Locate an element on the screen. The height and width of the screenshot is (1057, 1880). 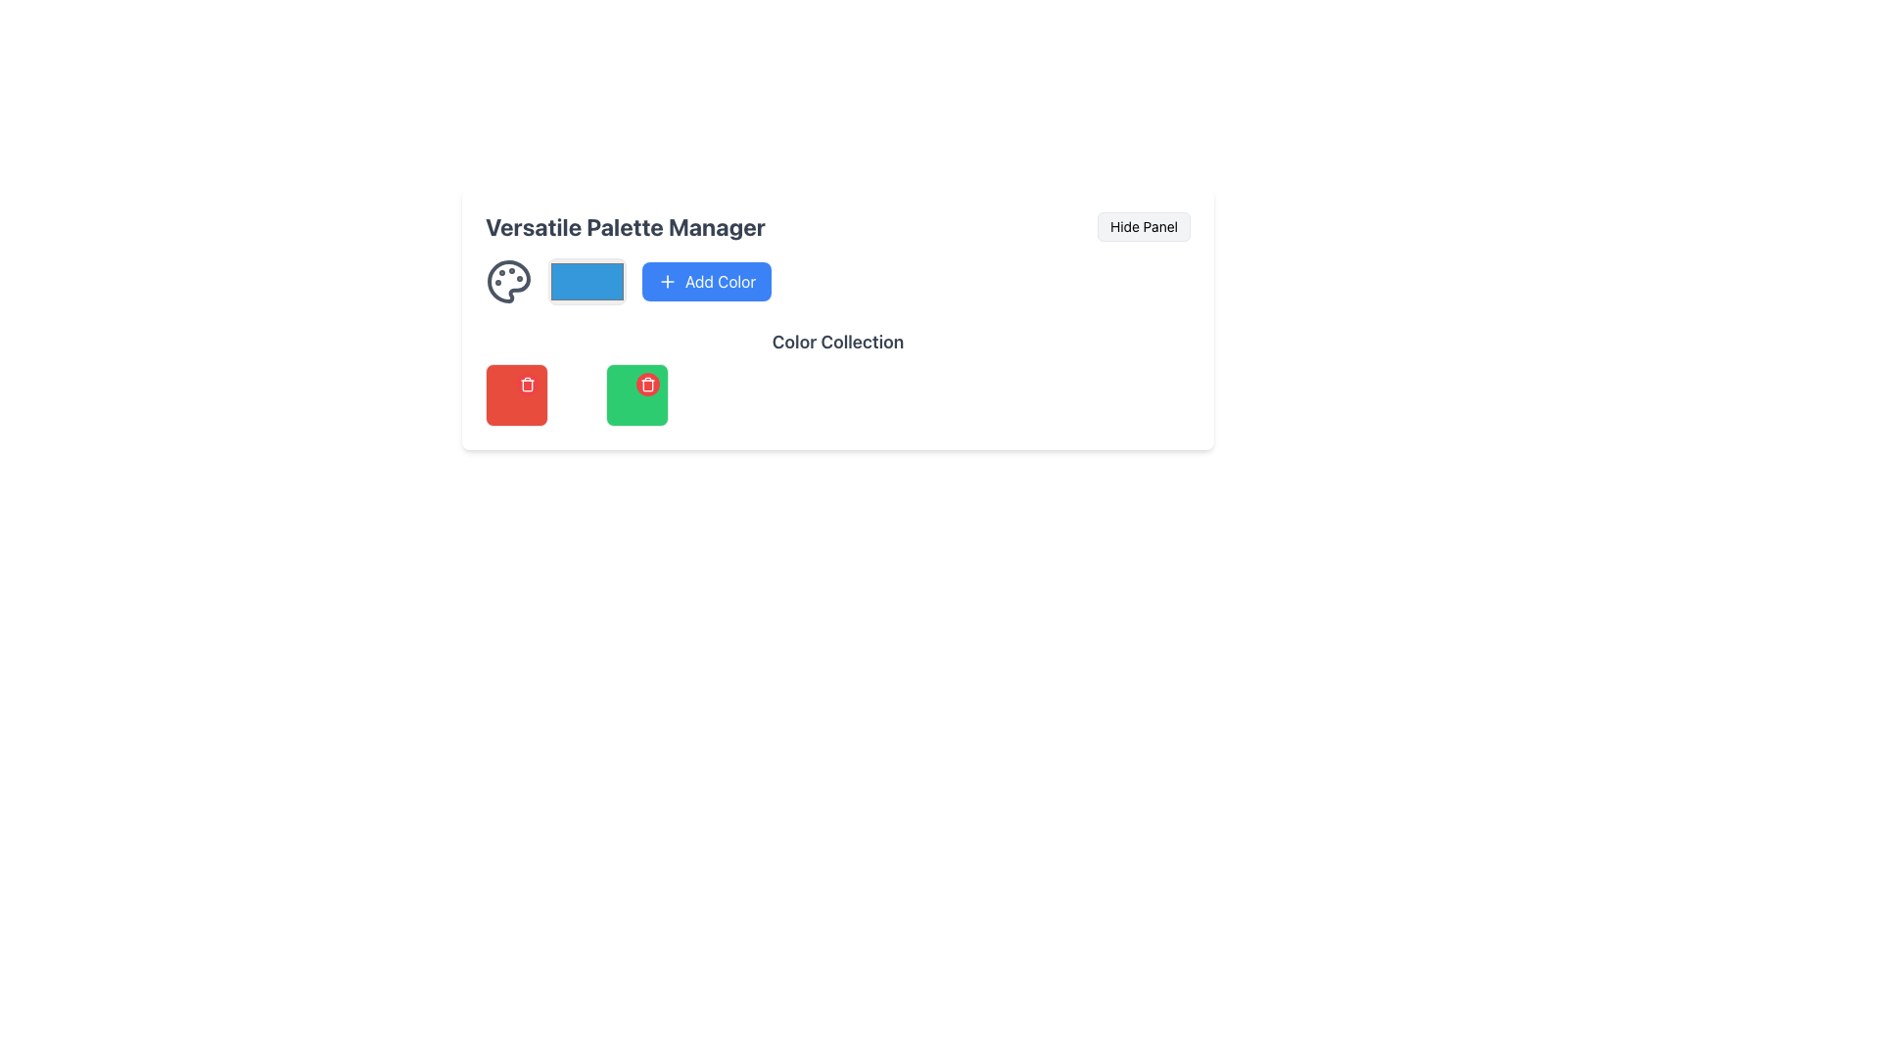
the green button containing the trash bin icon, which is located in the second column of the grid under 'Color Collection' is located at coordinates (527, 385).